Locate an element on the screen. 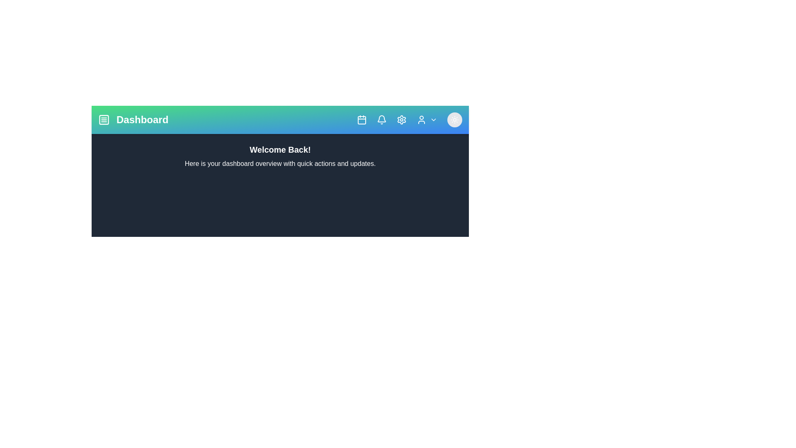 Image resolution: width=796 pixels, height=448 pixels. the settings icon in the app bar is located at coordinates (402, 120).